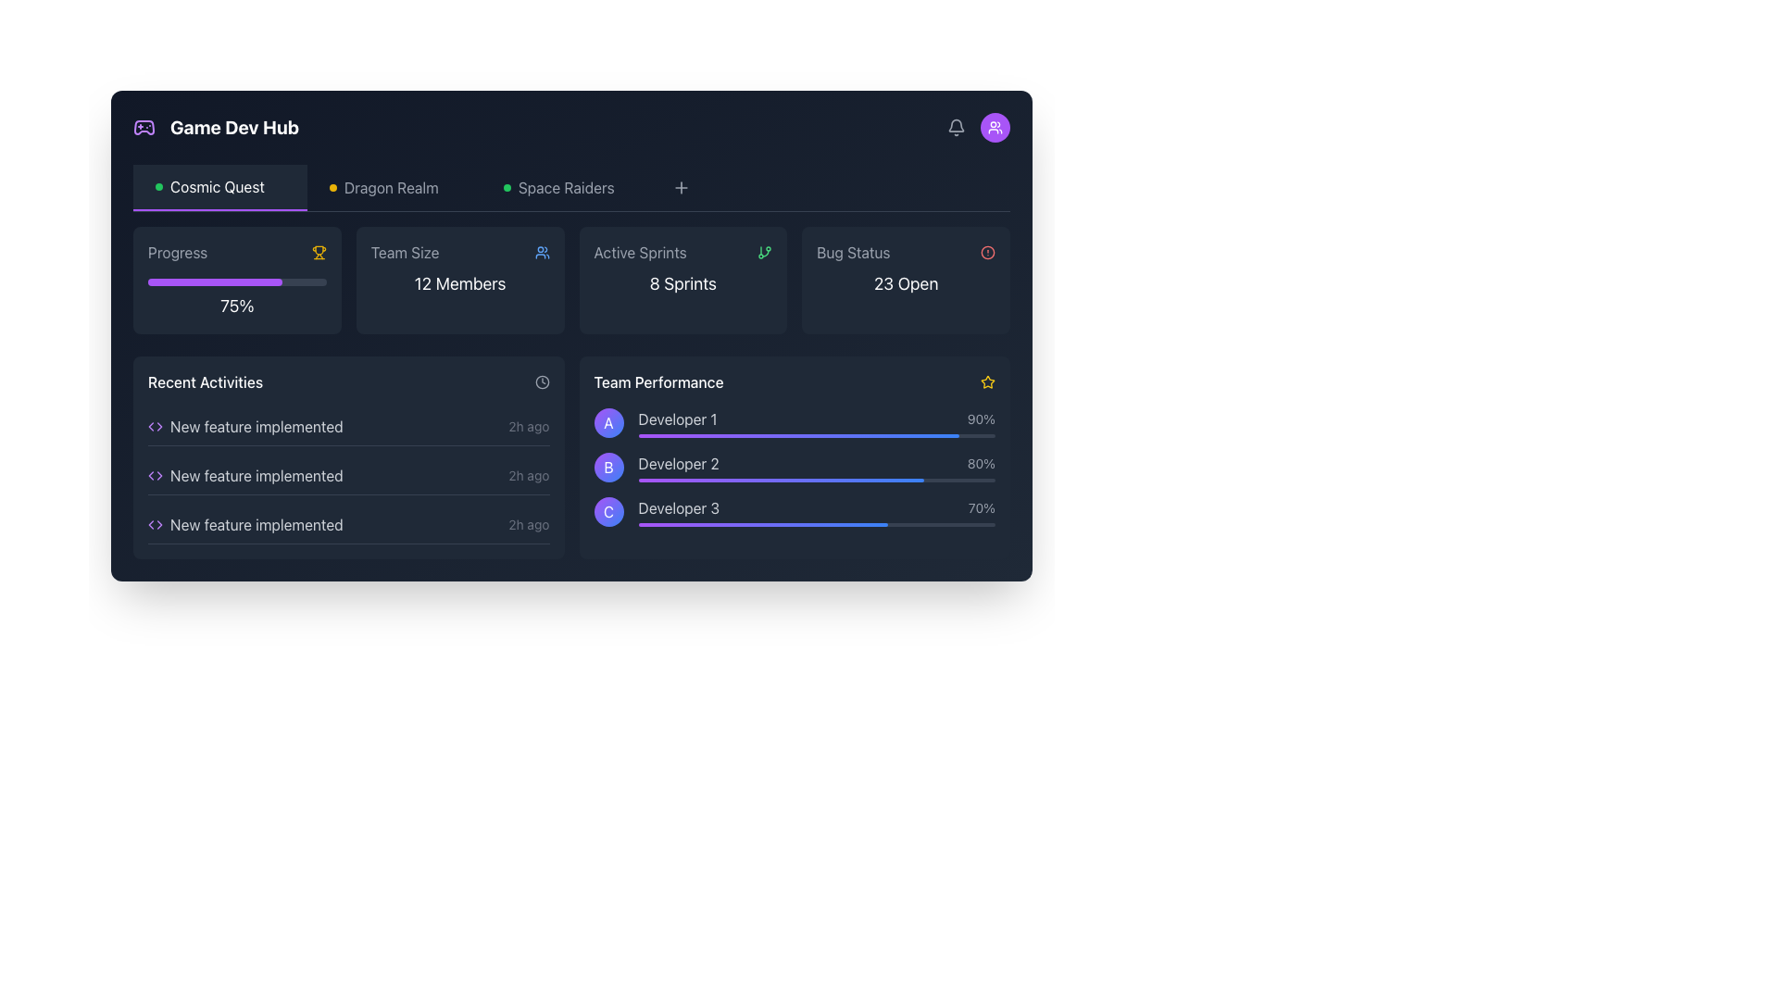 This screenshot has width=1778, height=1000. What do you see at coordinates (986, 381) in the screenshot?
I see `the star icon located to the far right of the 'Team Performance' section header, adjacent to the text label 'Team Performance'` at bounding box center [986, 381].